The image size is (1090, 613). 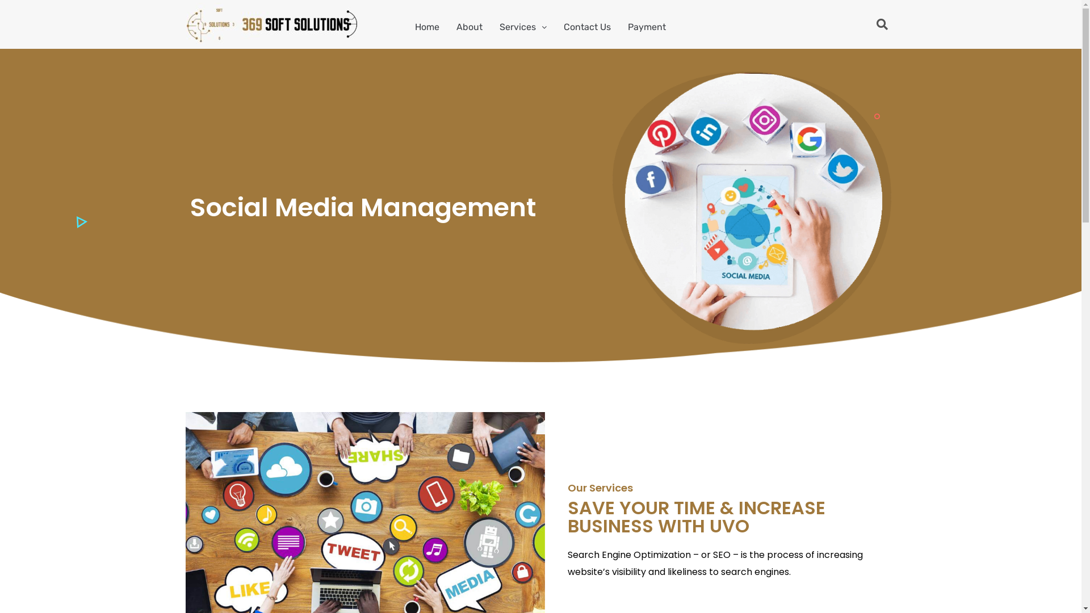 What do you see at coordinates (618, 26) in the screenshot?
I see `'Payment'` at bounding box center [618, 26].